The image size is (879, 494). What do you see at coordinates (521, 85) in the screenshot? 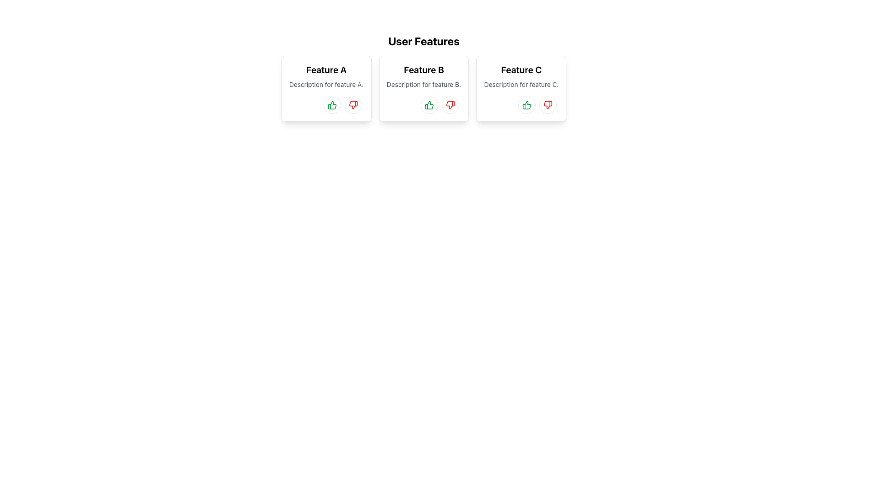
I see `the text block containing the phrase 'Description for feature C.' which is styled with a small font and gray color, located below the title 'Feature C' in the middle section of the 'Feature C' card` at bounding box center [521, 85].